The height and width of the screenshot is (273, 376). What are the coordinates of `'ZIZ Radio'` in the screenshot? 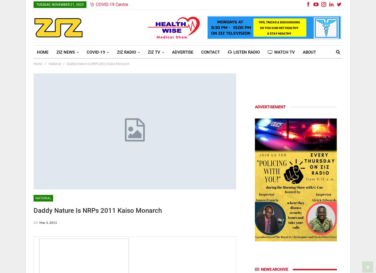 It's located at (126, 52).